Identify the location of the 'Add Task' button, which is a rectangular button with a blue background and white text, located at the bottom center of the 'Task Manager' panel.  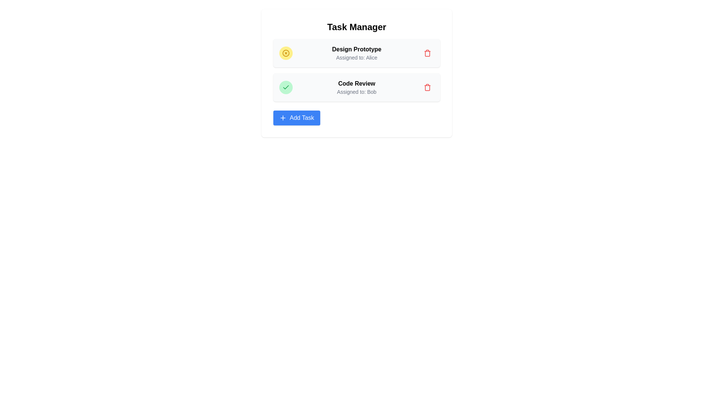
(296, 117).